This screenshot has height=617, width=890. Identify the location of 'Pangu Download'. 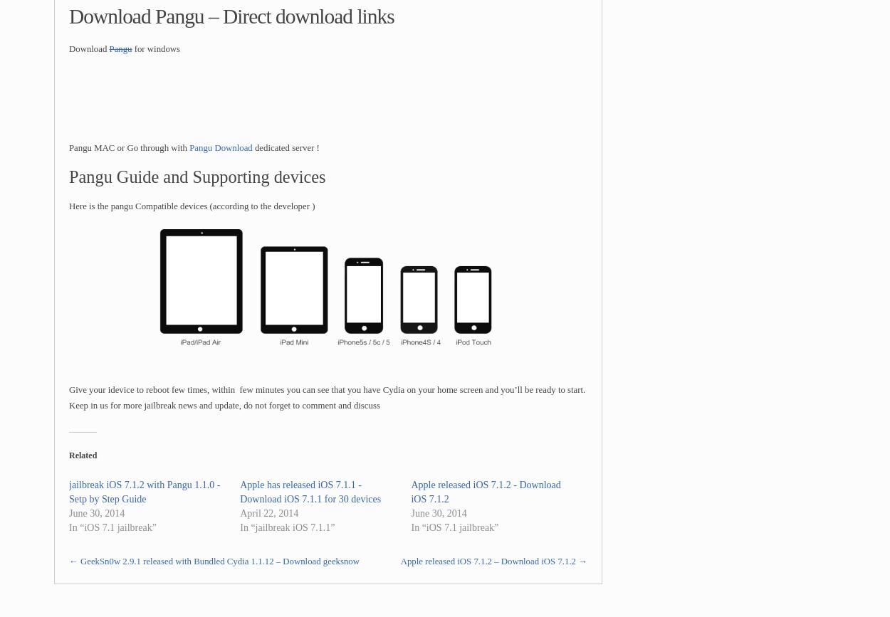
(221, 147).